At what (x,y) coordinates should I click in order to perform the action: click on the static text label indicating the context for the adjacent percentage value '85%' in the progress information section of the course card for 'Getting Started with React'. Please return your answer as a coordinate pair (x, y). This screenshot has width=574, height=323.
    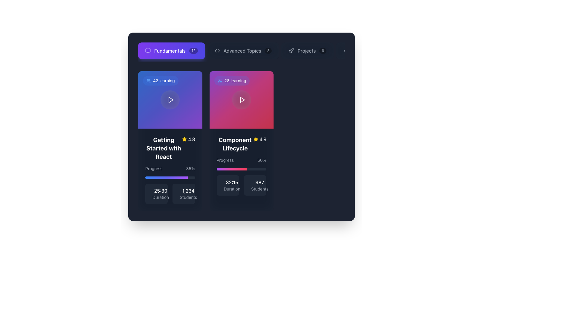
    Looking at the image, I should click on (154, 168).